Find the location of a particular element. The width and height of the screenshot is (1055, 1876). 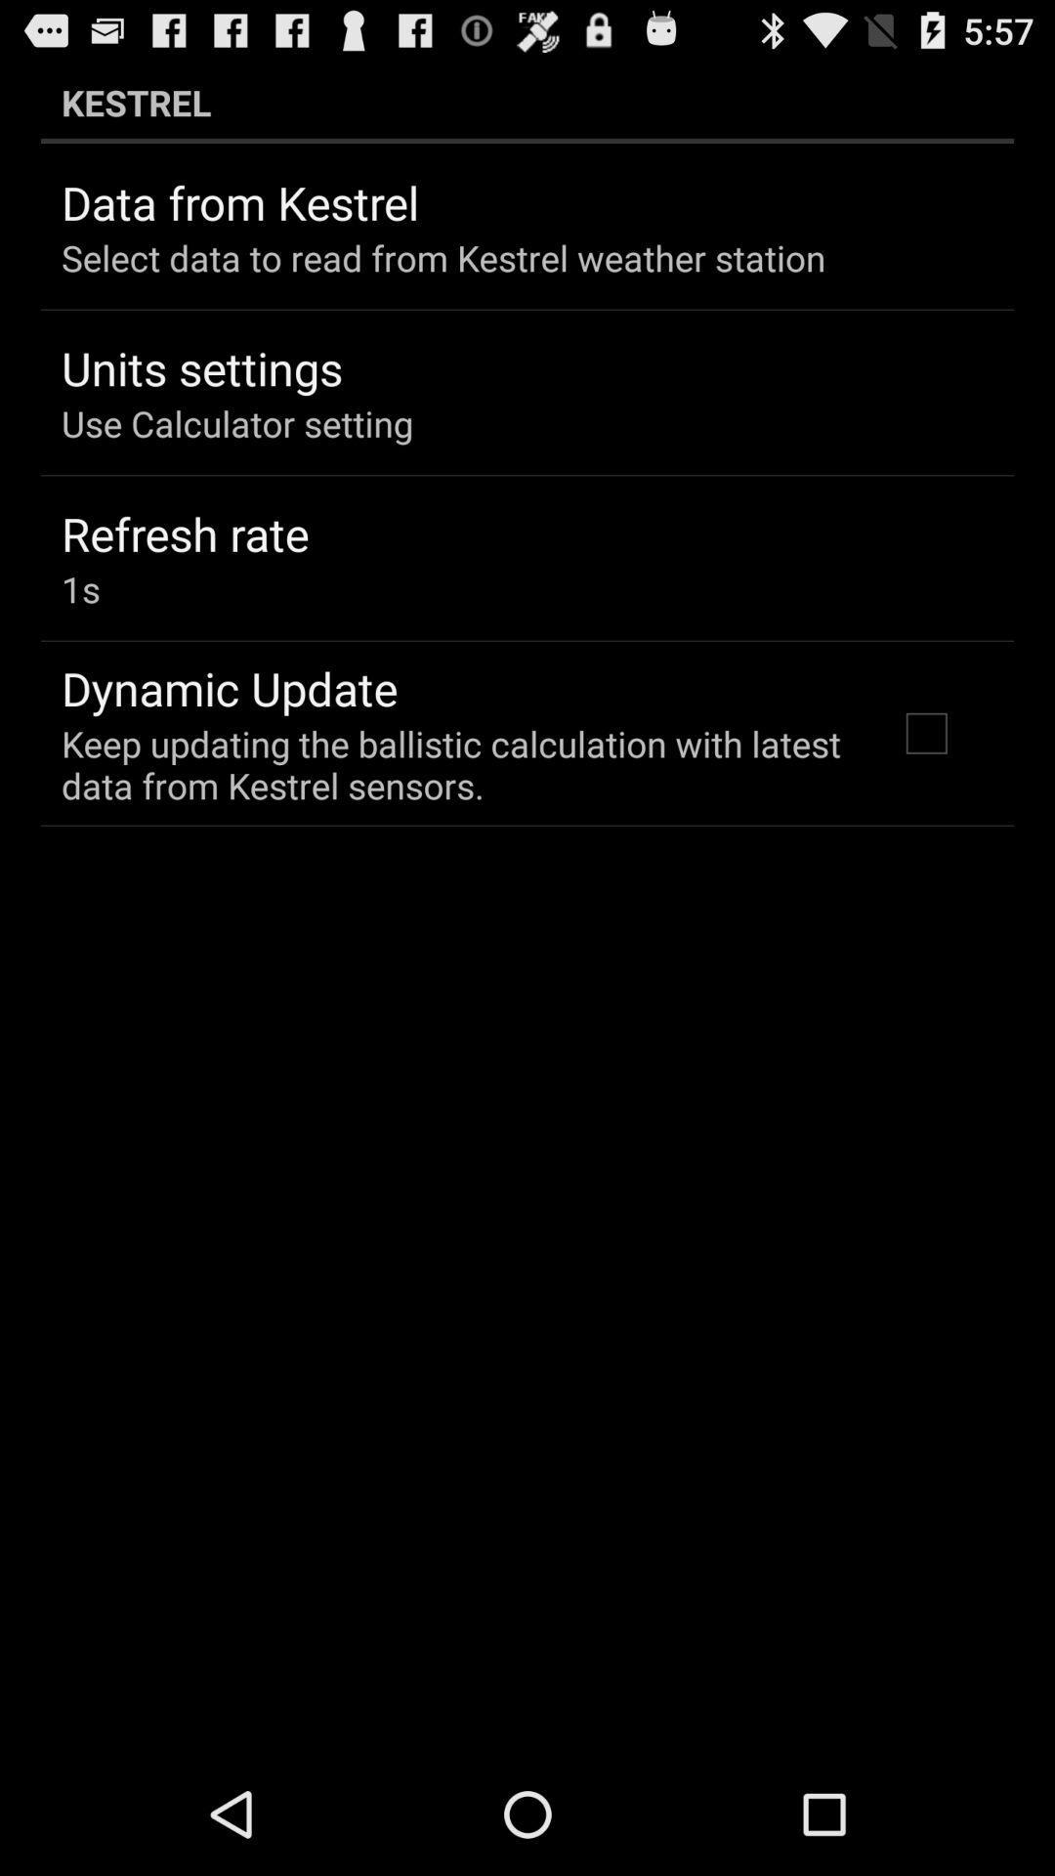

the icon above units settings is located at coordinates (443, 257).